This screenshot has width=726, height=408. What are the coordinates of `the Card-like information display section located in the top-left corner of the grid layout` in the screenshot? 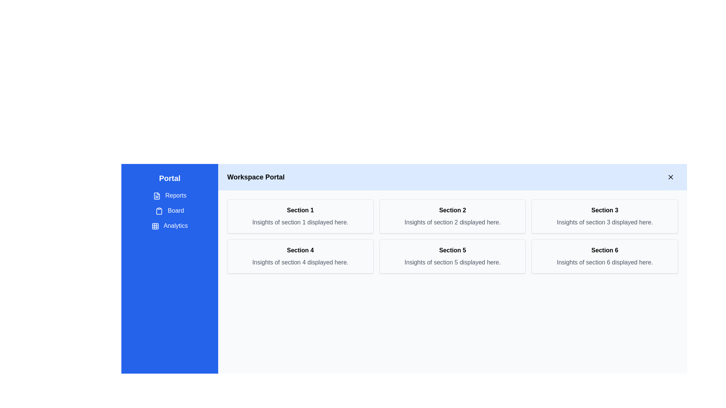 It's located at (300, 216).